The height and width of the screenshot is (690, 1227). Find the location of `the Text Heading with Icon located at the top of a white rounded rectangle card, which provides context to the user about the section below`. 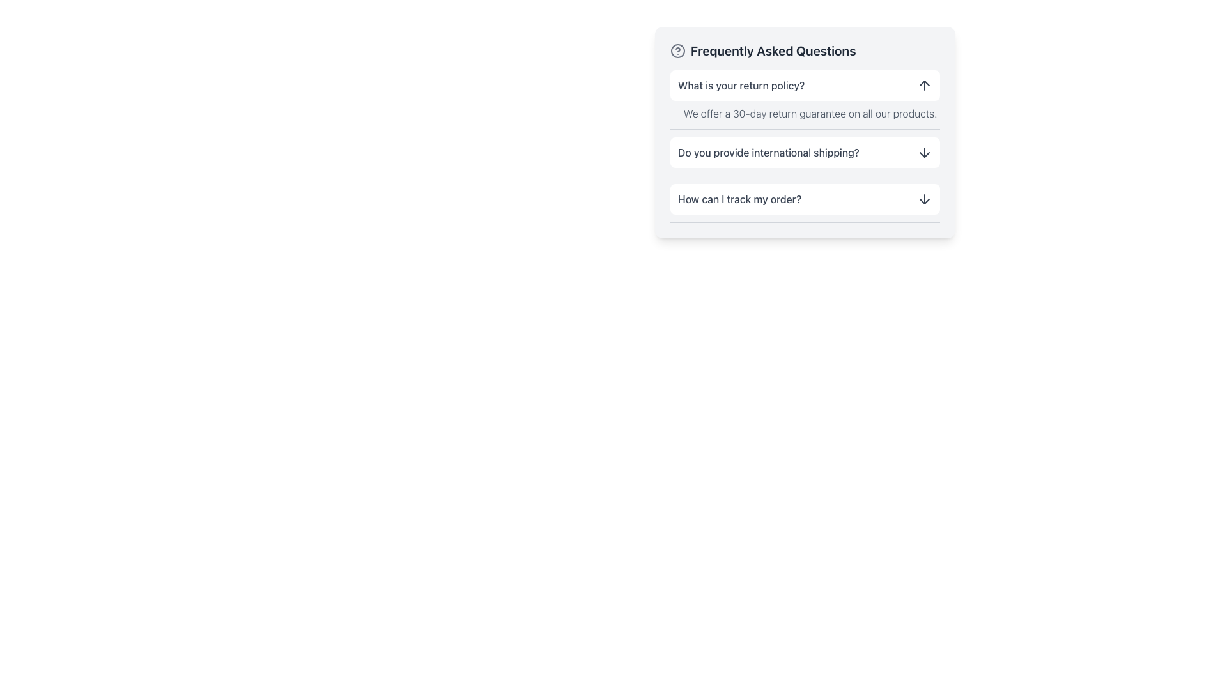

the Text Heading with Icon located at the top of a white rounded rectangle card, which provides context to the user about the section below is located at coordinates (804, 50).